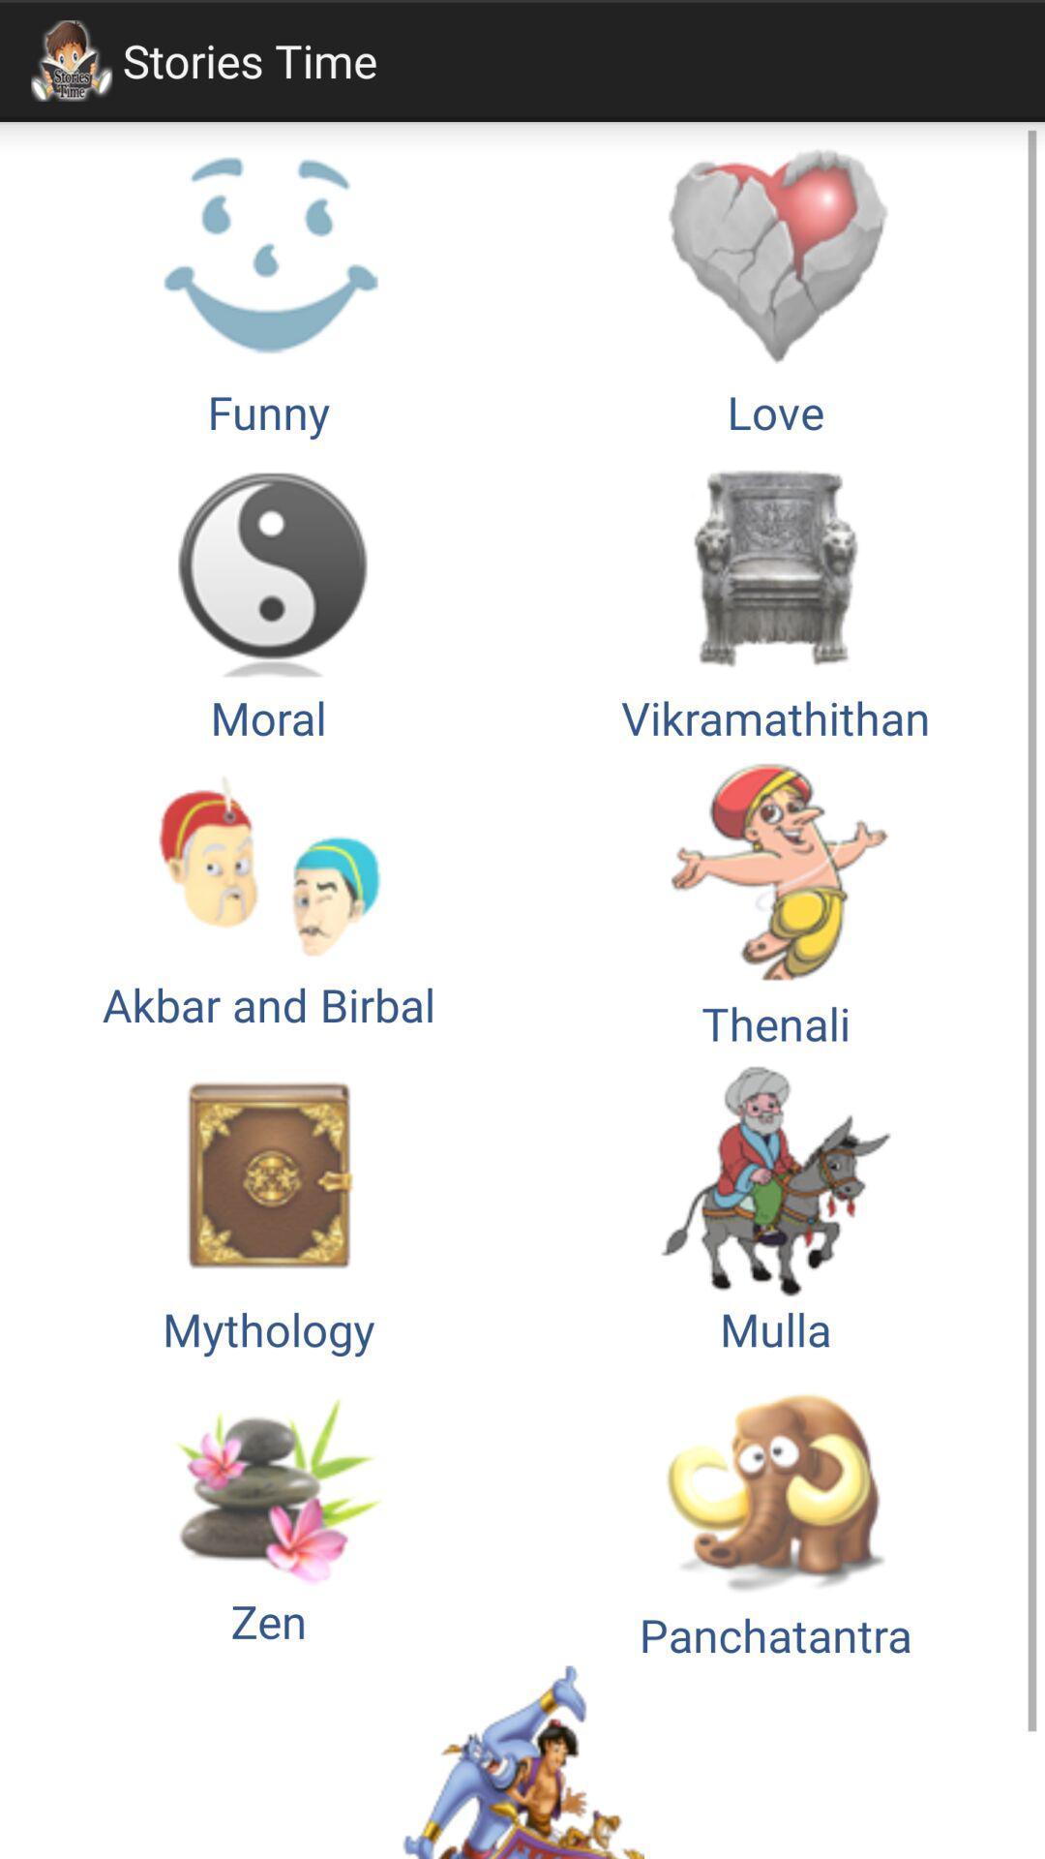  Describe the element at coordinates (268, 1205) in the screenshot. I see `the button below thenali button` at that location.